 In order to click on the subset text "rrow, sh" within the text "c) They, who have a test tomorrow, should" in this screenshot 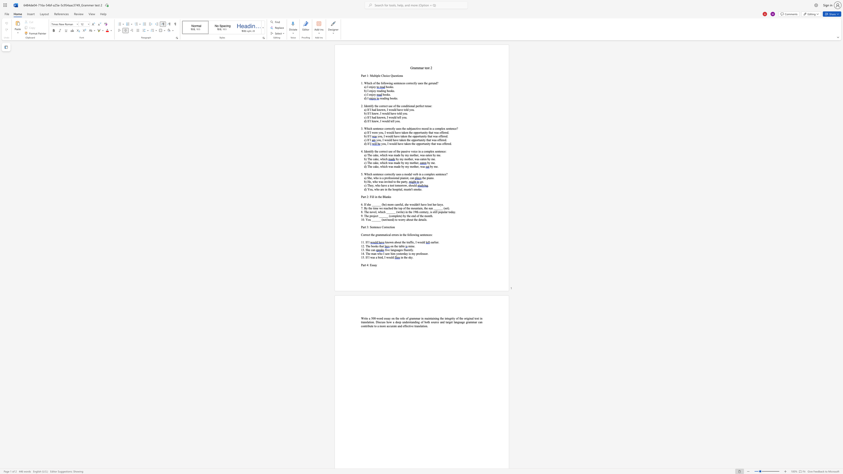, I will do `click(401, 185)`.